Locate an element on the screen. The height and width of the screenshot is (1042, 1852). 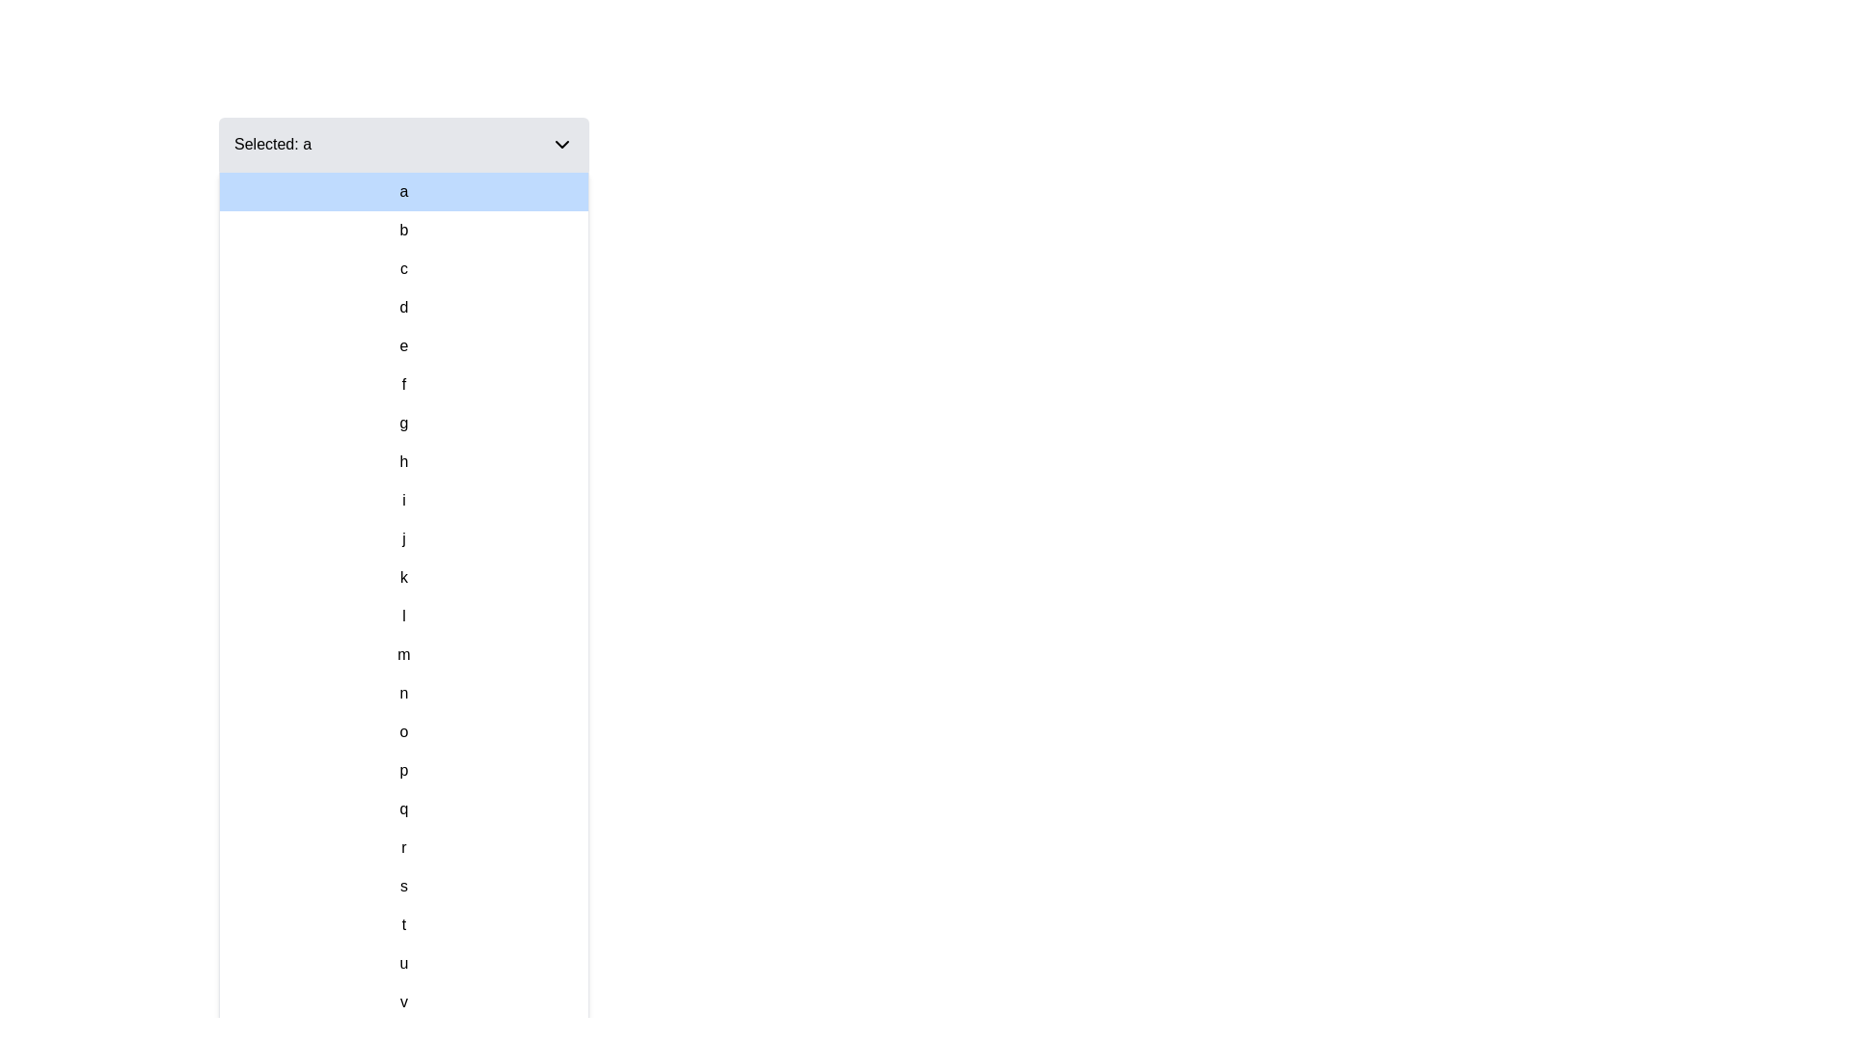
the text item displaying the letter 'b' in the vertical list is located at coordinates (402, 230).